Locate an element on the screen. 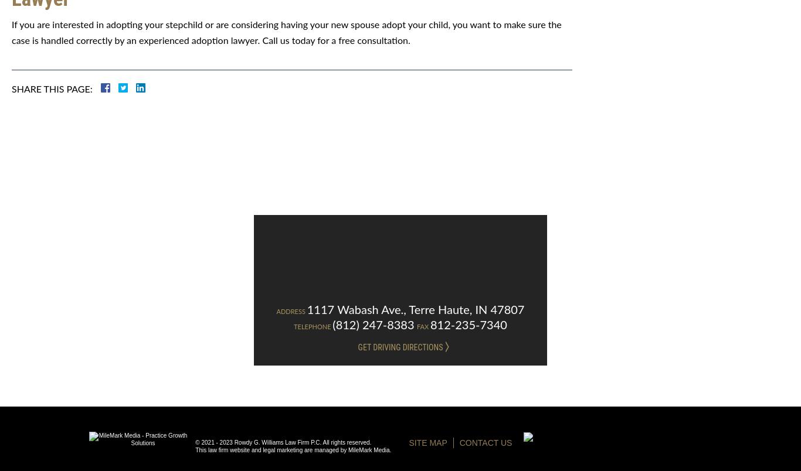 The width and height of the screenshot is (801, 471). 'Contact Us' is located at coordinates (484, 442).